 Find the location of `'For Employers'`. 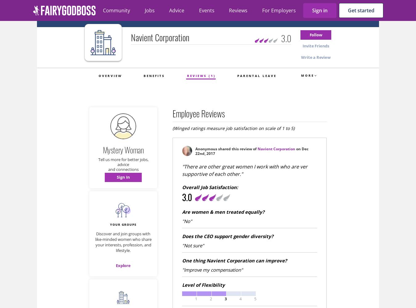

'For Employers' is located at coordinates (278, 10).